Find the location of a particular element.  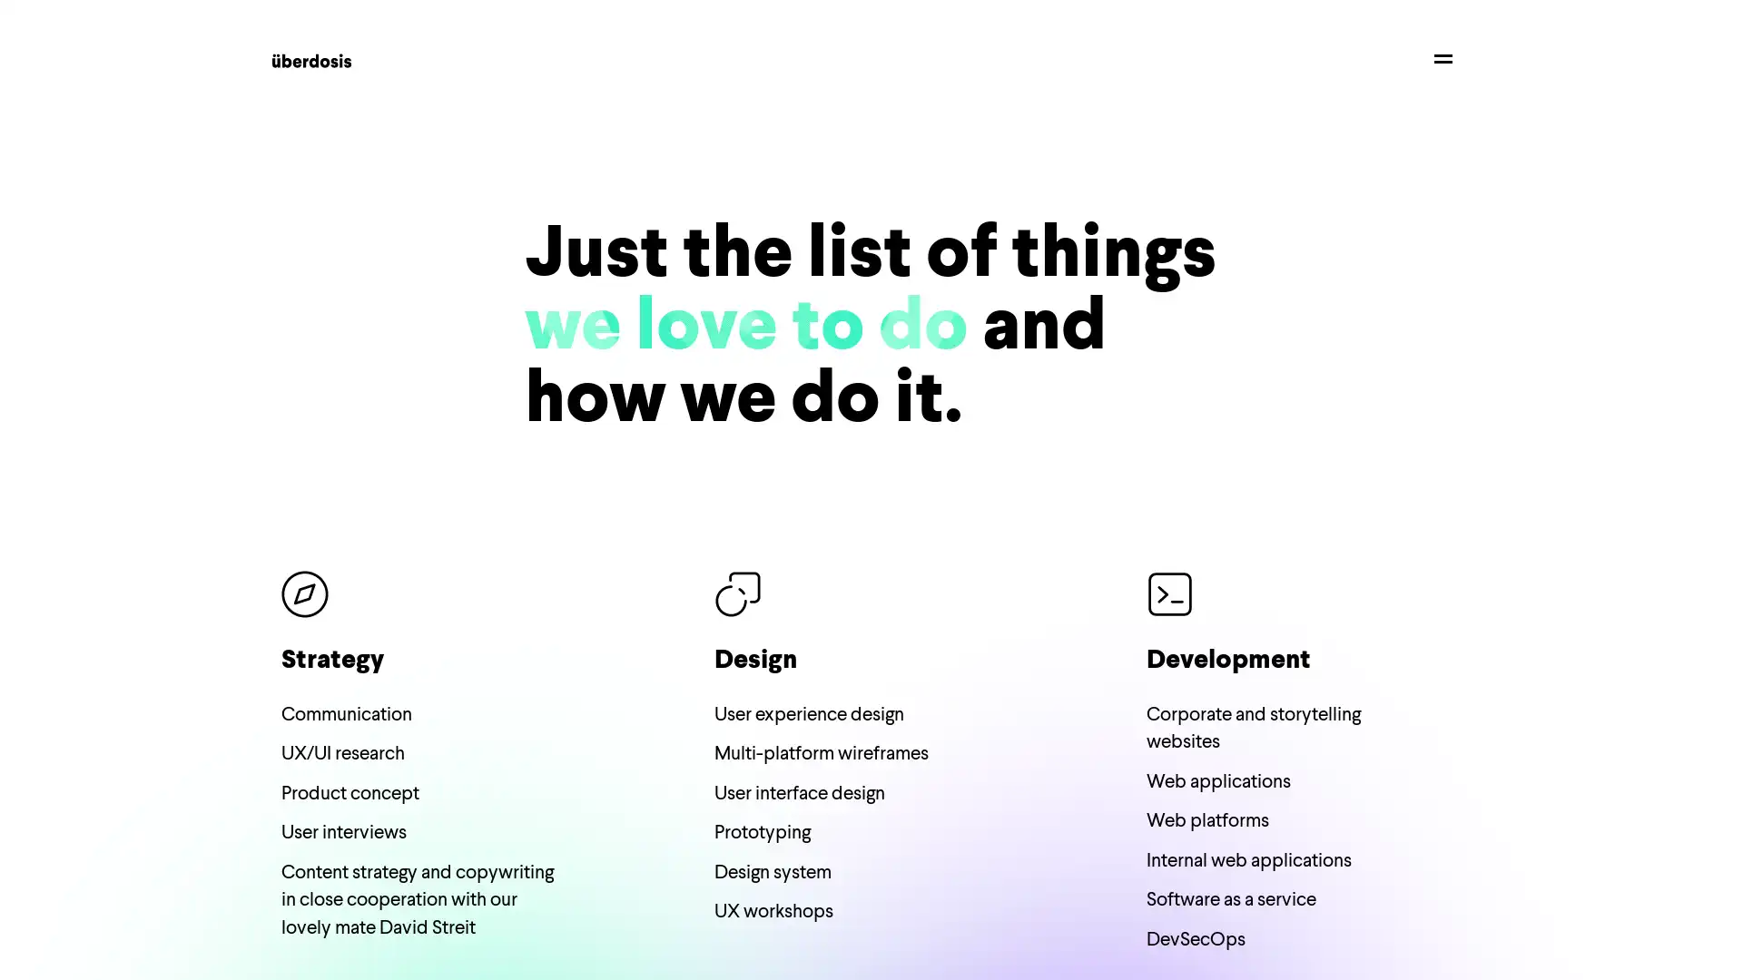

Open menu is located at coordinates (1442, 57).